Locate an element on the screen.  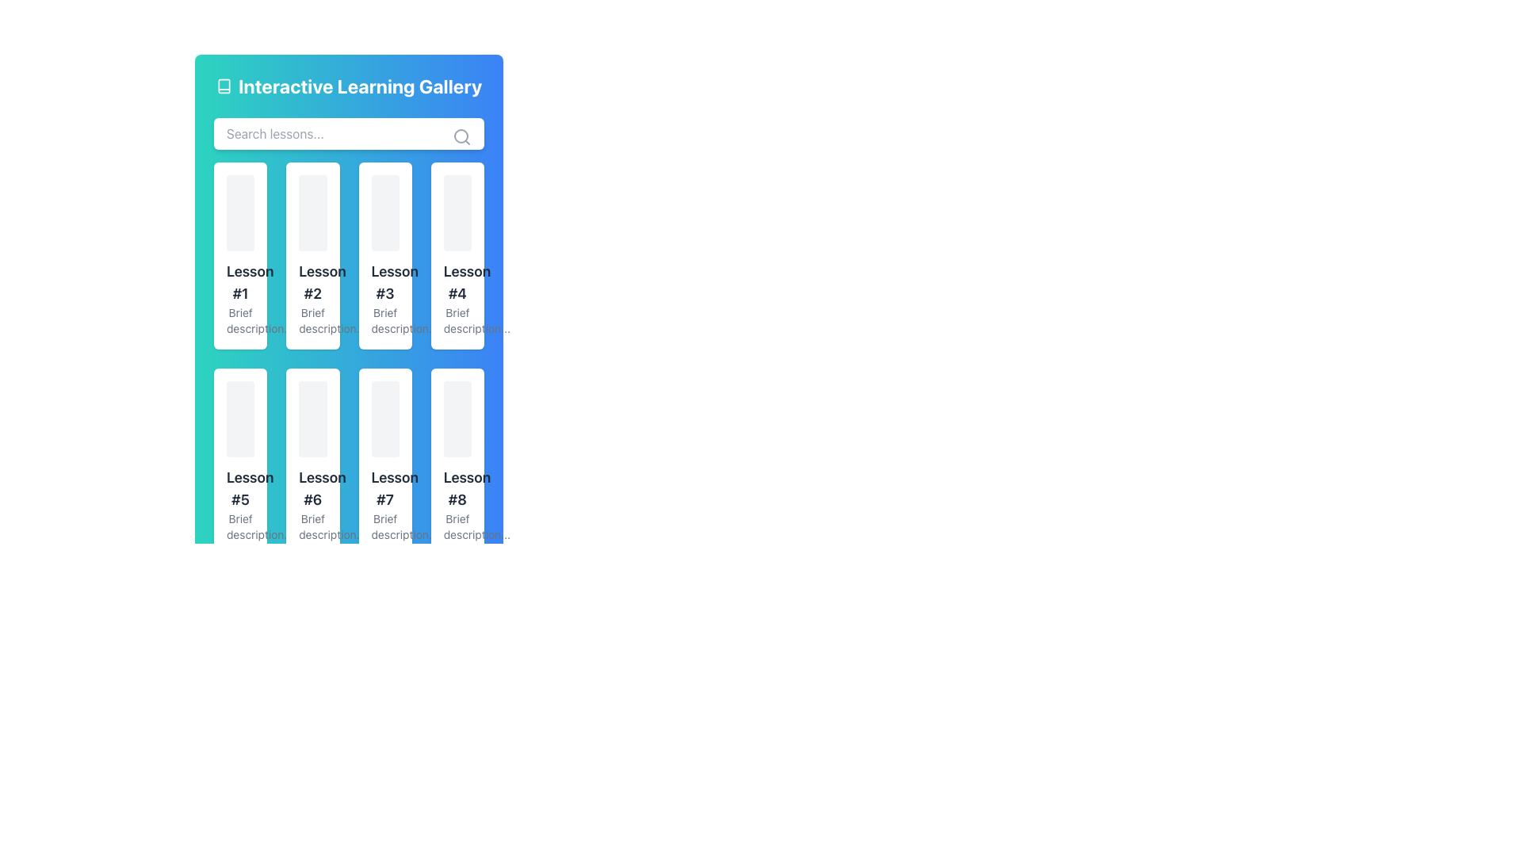
the magnifying glass icon located at the far-right side of the search bar within the 'Interactive Learning Gallery' component is located at coordinates (461, 136).